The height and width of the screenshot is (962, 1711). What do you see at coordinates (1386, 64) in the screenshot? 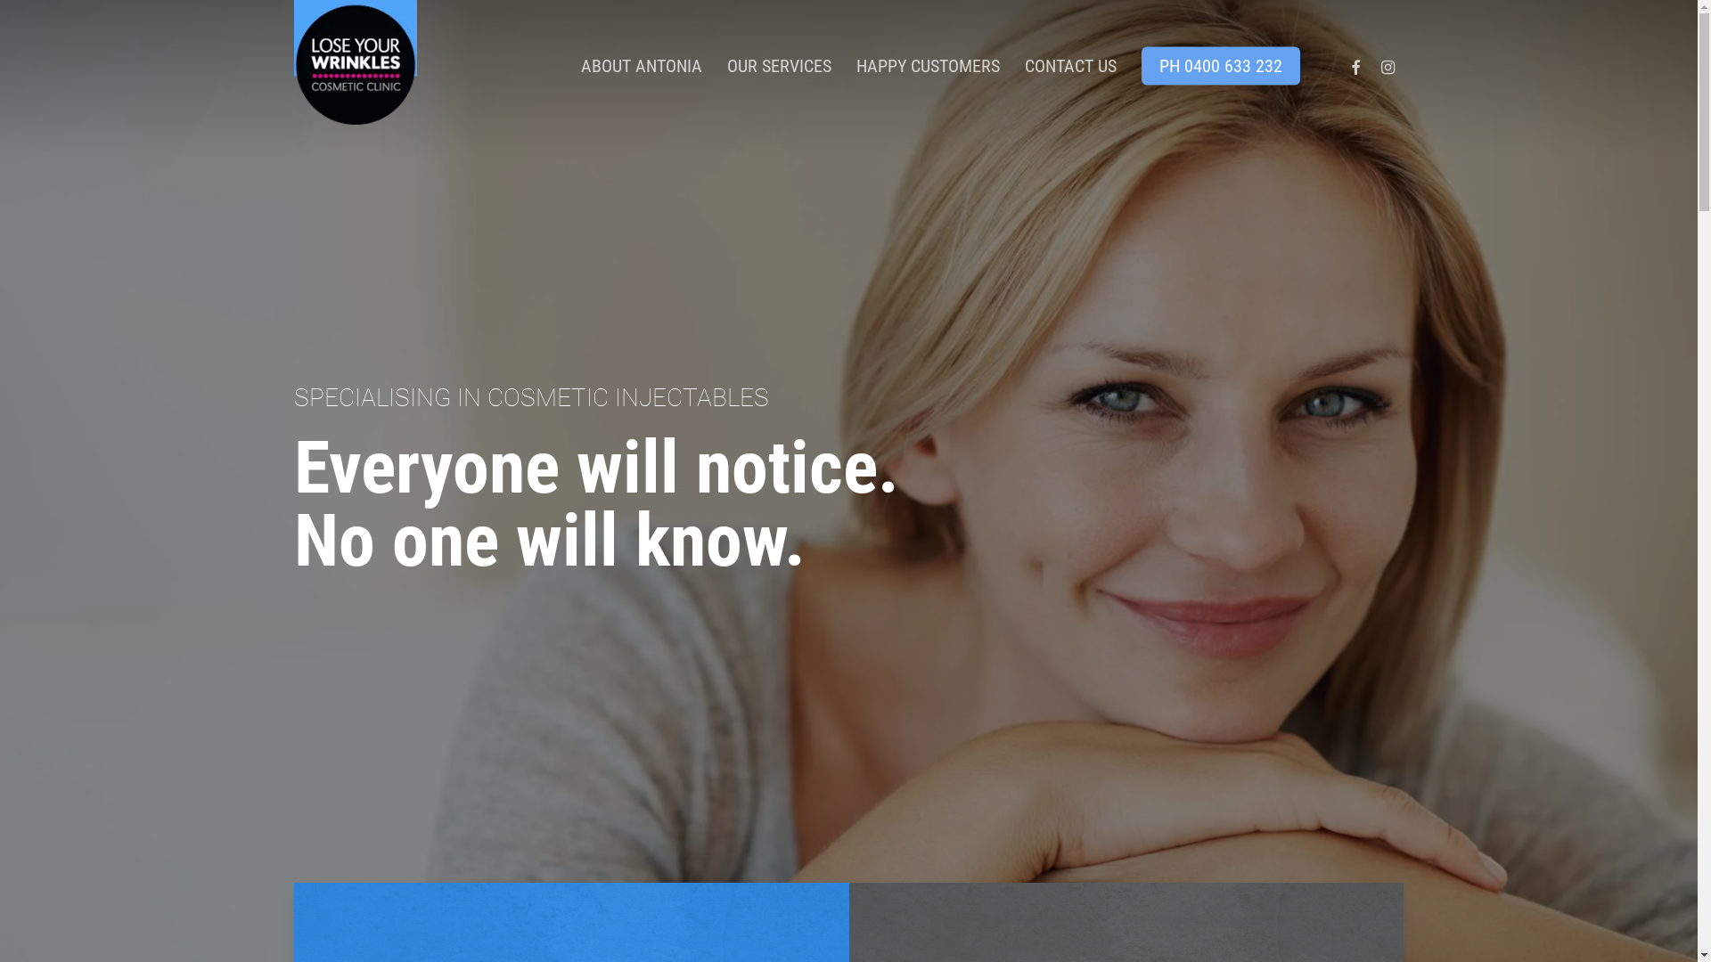
I see `'INSTAGRAM'` at bounding box center [1386, 64].